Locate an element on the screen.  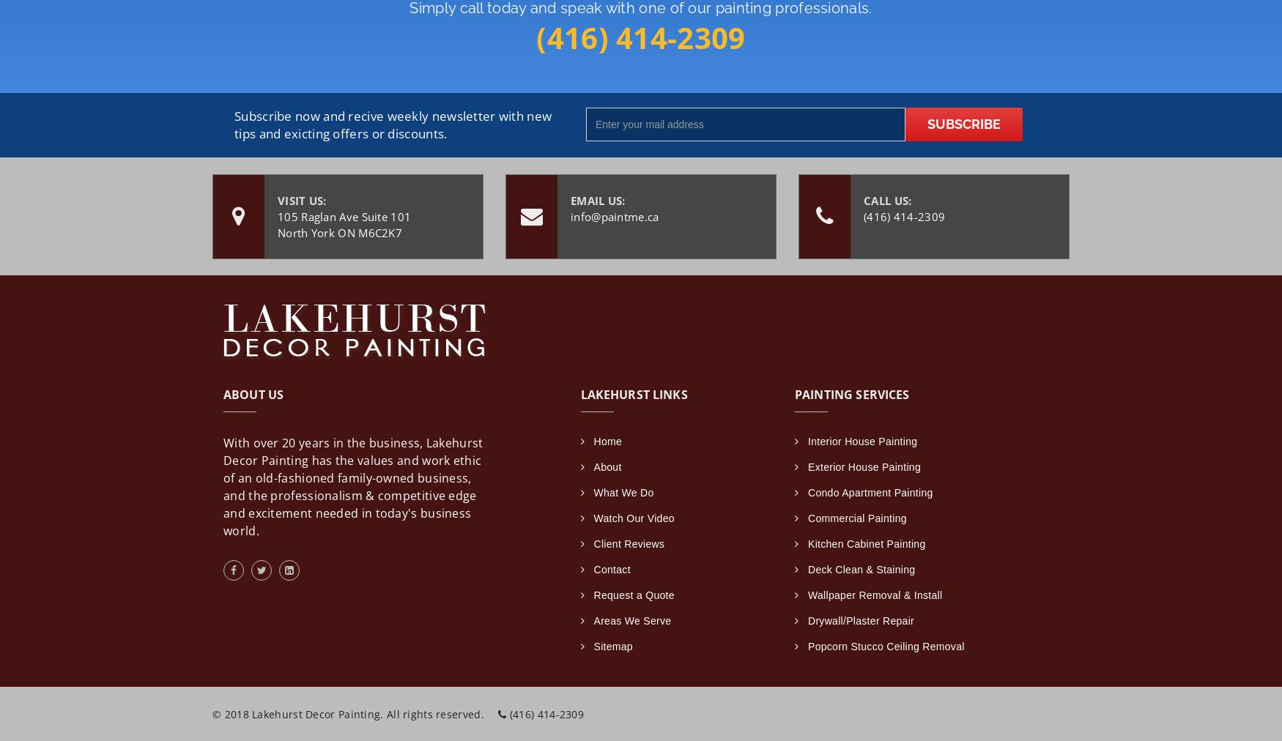
'Lakehurst Links' is located at coordinates (634, 392).